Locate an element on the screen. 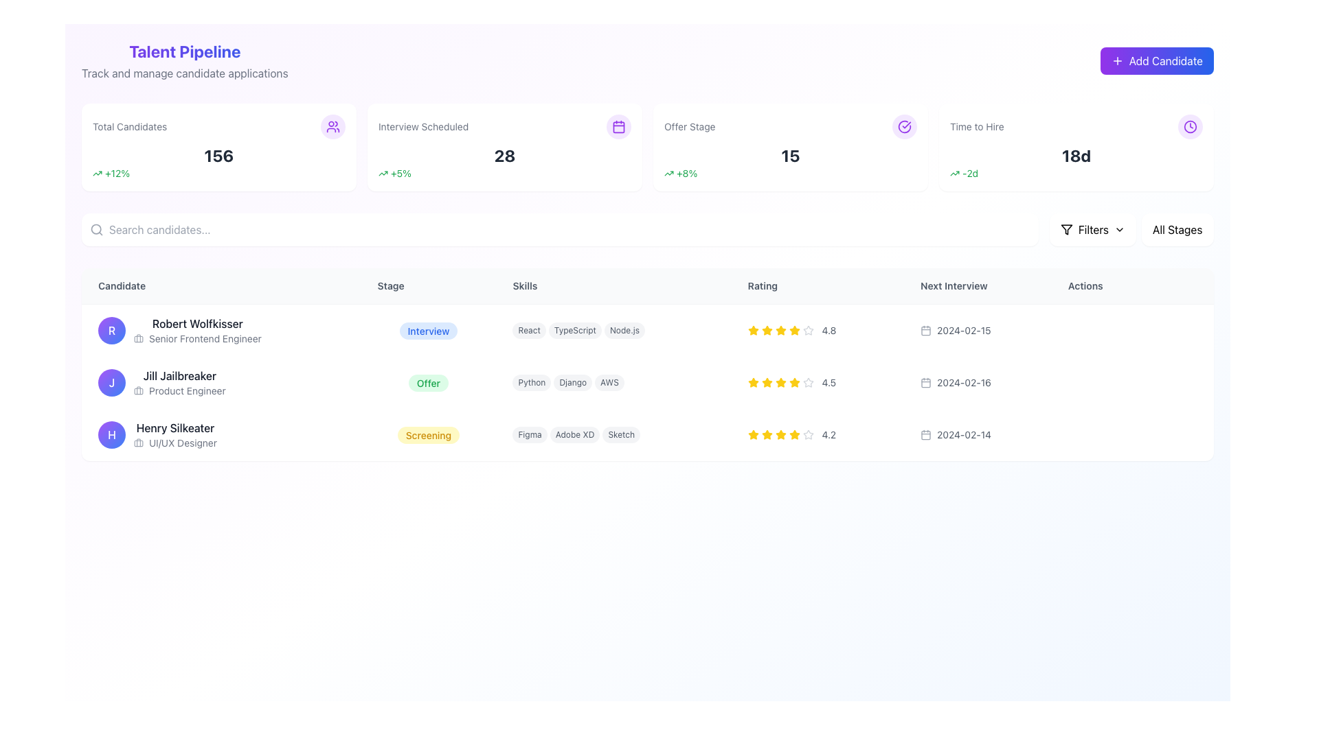 This screenshot has width=1319, height=741. the third star in the 'Rating' column for Henry Silkeater to interact with the rating system is located at coordinates (780, 434).